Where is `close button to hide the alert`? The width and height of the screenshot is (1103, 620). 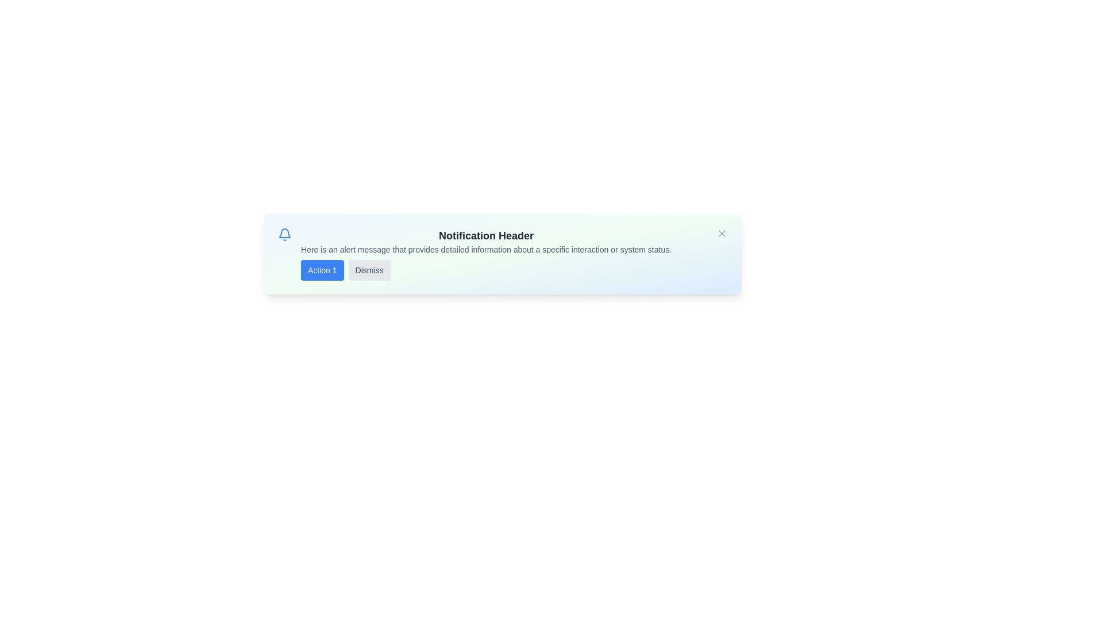
close button to hide the alert is located at coordinates (722, 233).